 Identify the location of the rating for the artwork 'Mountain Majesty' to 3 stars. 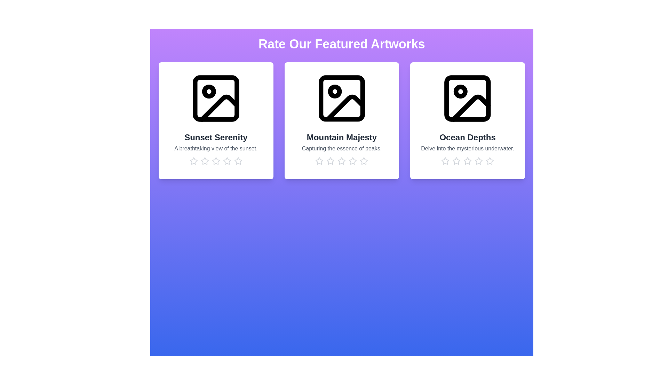
(342, 161).